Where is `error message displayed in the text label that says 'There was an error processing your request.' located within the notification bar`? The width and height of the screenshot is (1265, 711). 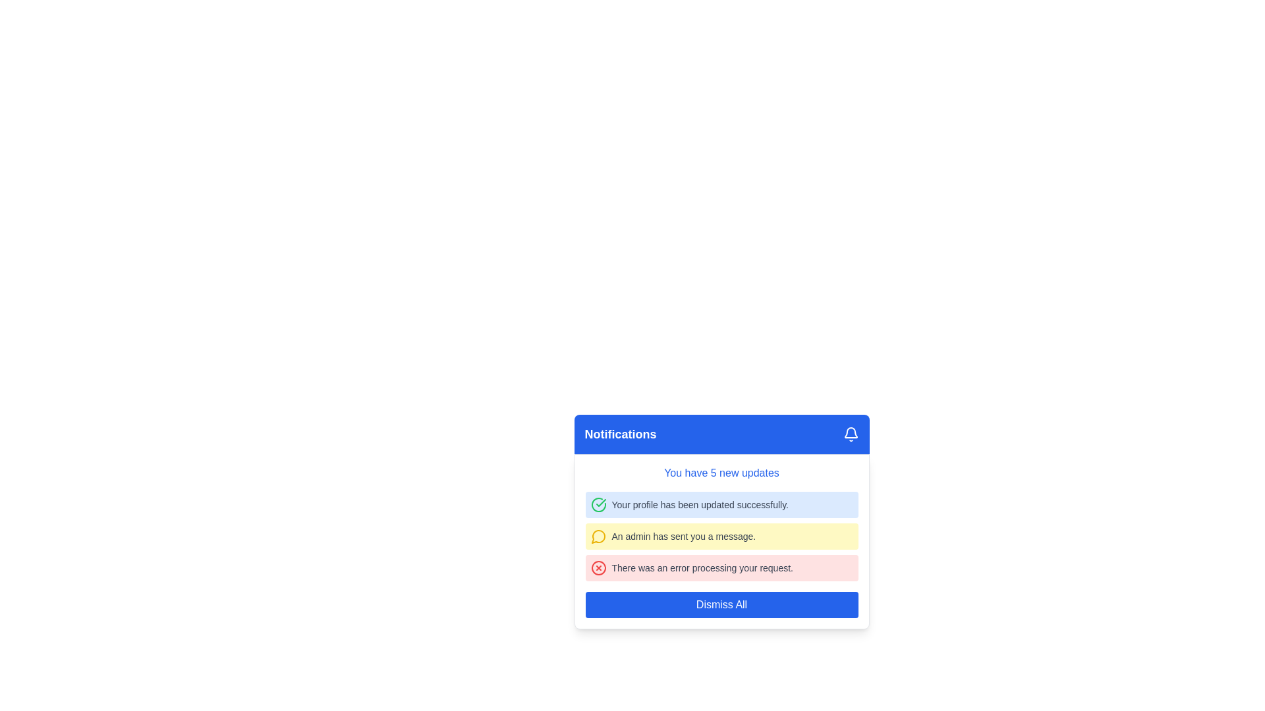 error message displayed in the text label that says 'There was an error processing your request.' located within the notification bar is located at coordinates (702, 567).